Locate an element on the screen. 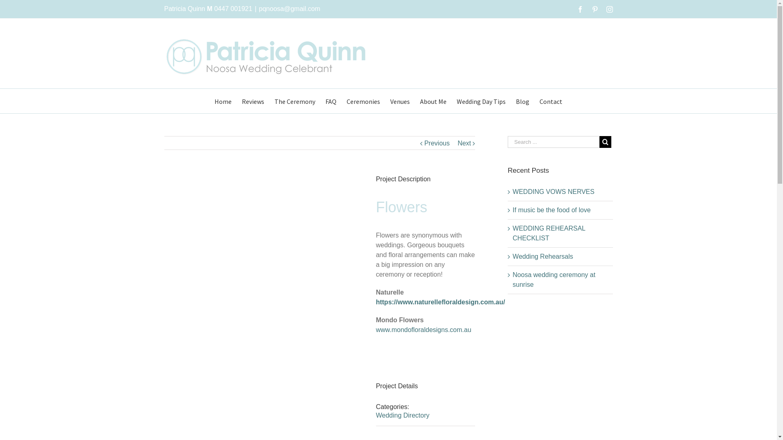 This screenshot has height=440, width=783. 'About Me' is located at coordinates (433, 100).